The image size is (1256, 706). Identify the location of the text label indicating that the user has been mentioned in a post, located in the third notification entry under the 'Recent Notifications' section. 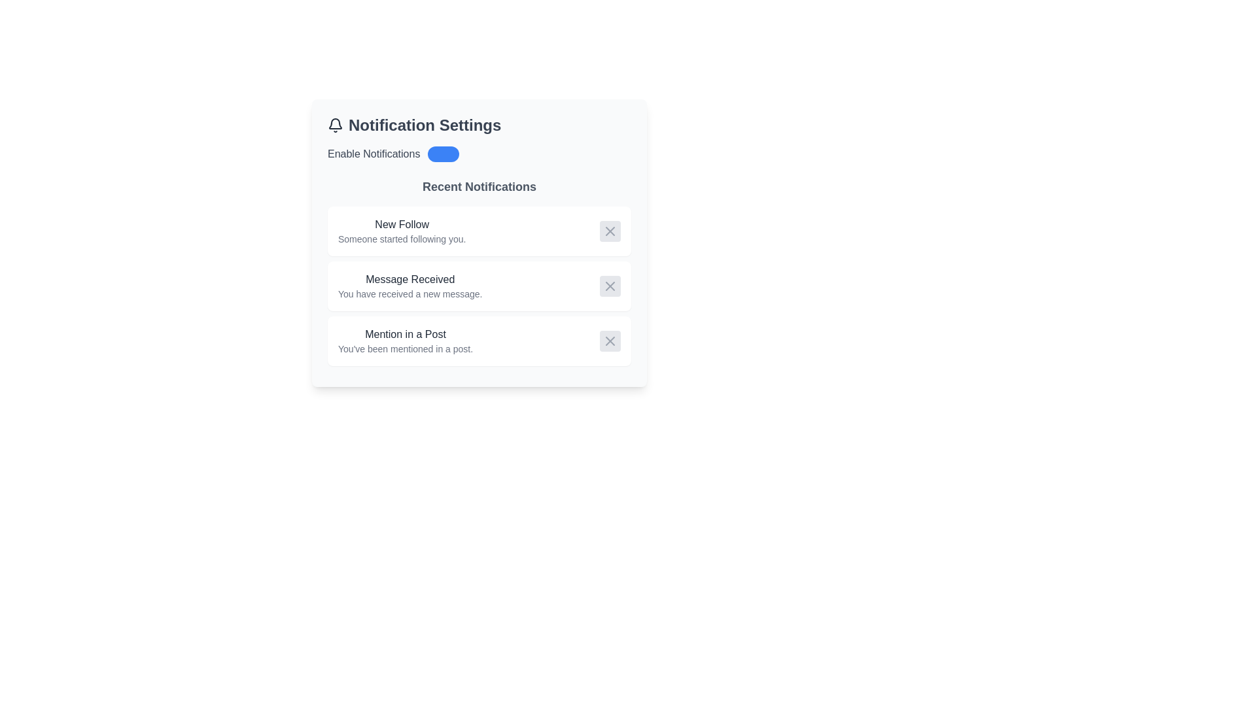
(404, 334).